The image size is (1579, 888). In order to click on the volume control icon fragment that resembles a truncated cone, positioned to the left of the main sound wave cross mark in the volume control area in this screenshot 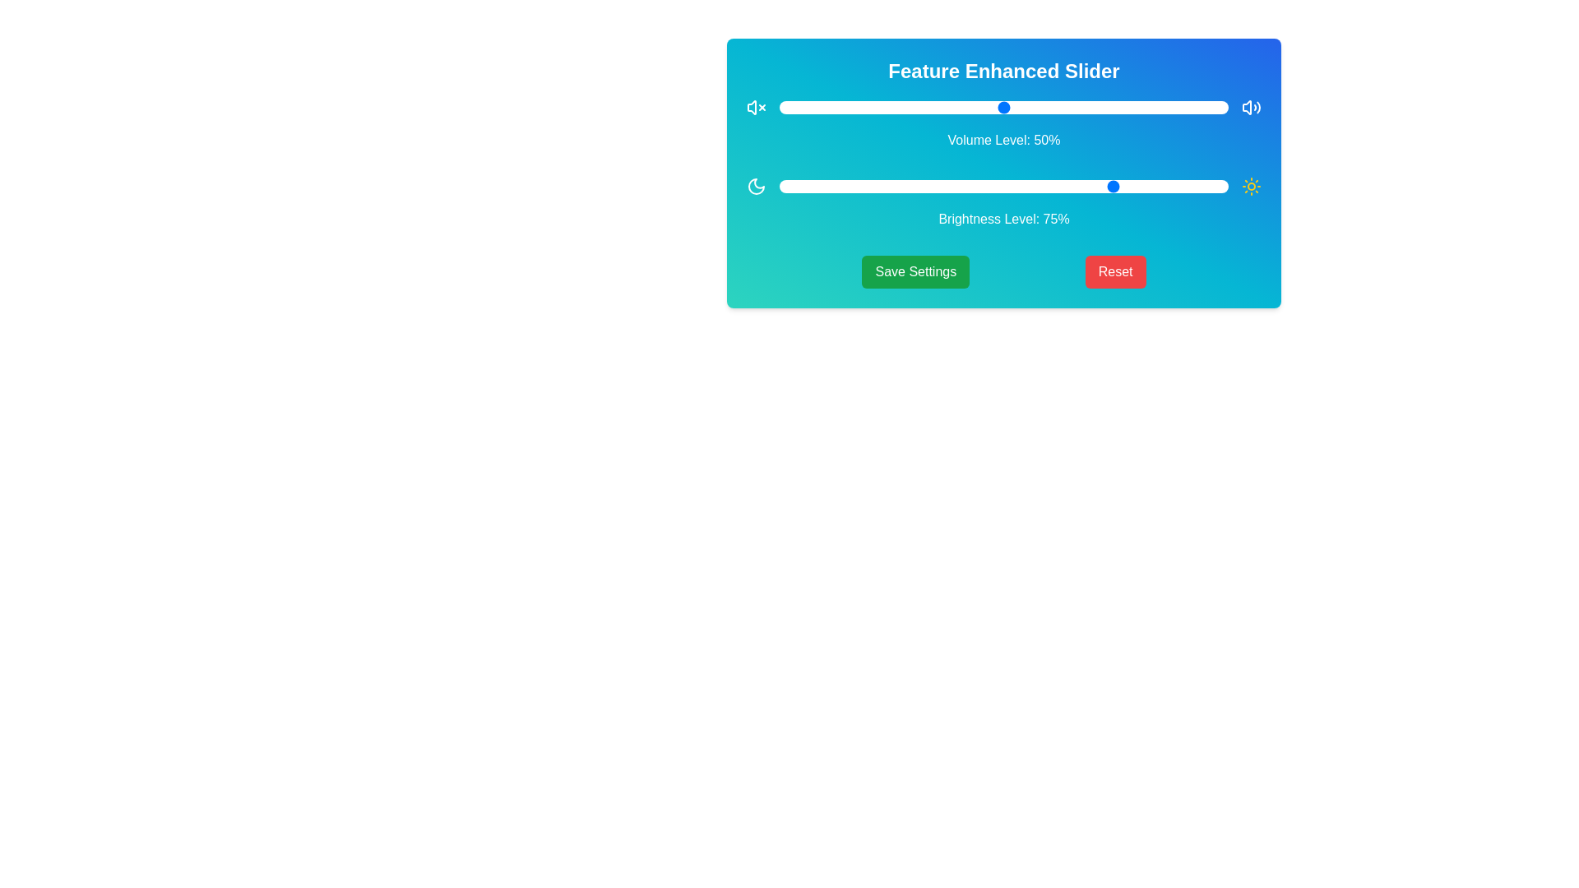, I will do `click(751, 108)`.